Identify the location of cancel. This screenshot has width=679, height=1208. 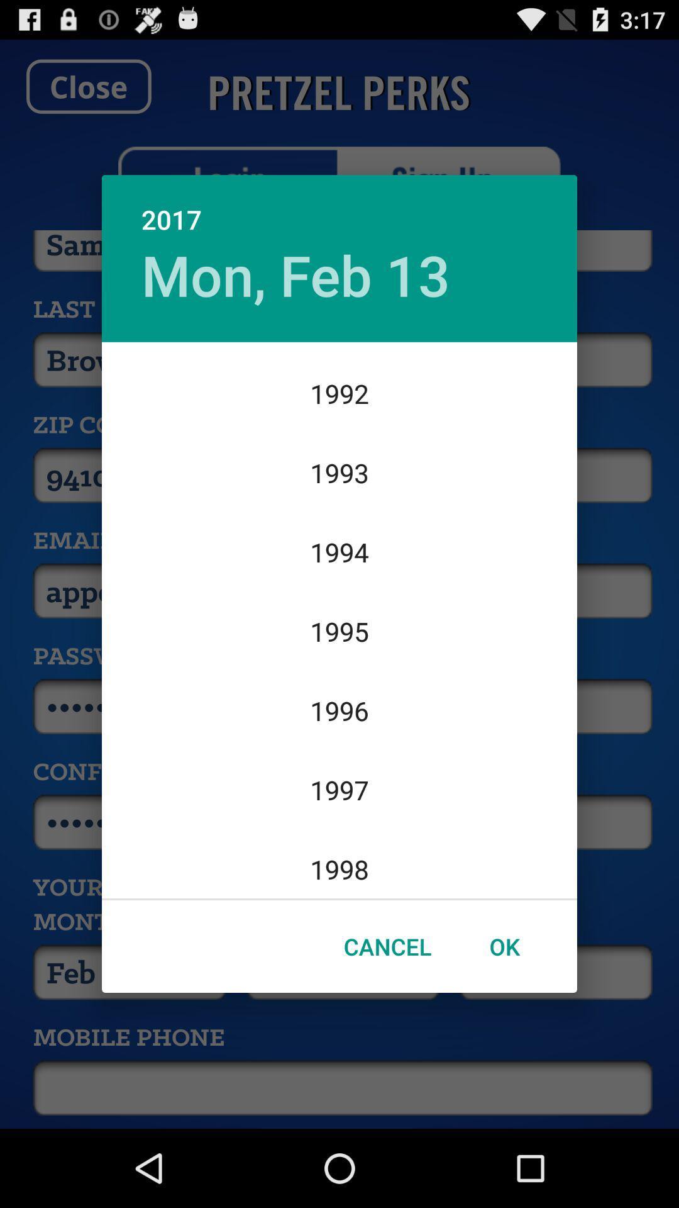
(387, 946).